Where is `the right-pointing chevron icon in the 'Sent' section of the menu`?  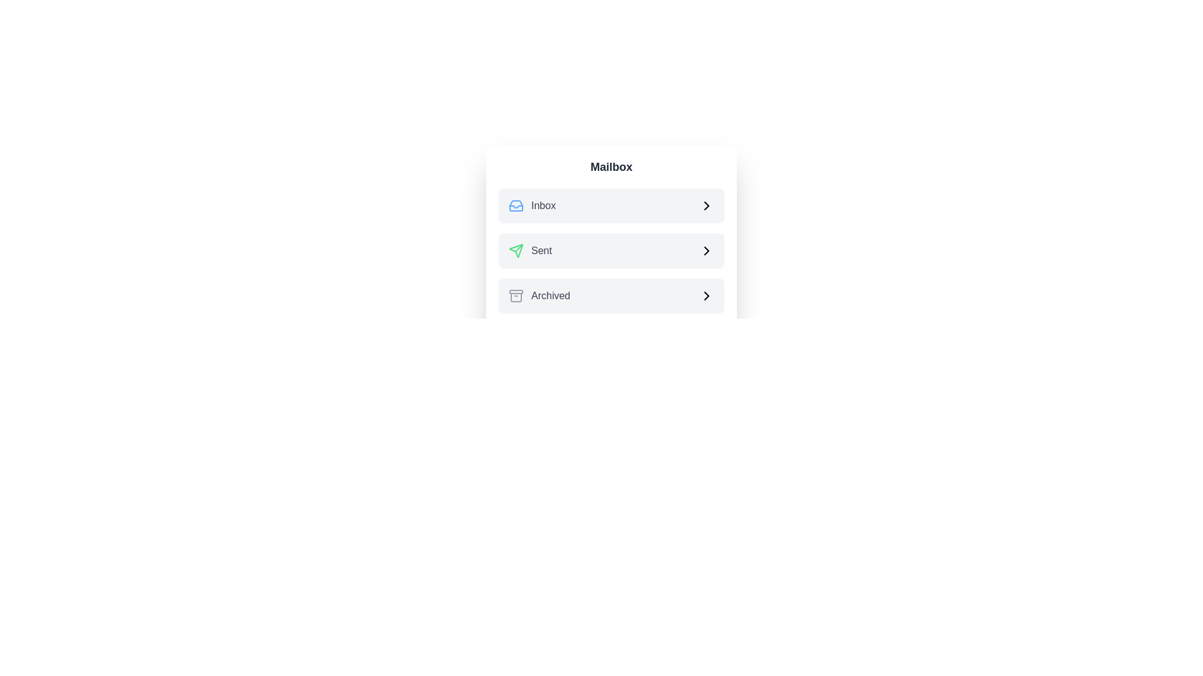
the right-pointing chevron icon in the 'Sent' section of the menu is located at coordinates (707, 251).